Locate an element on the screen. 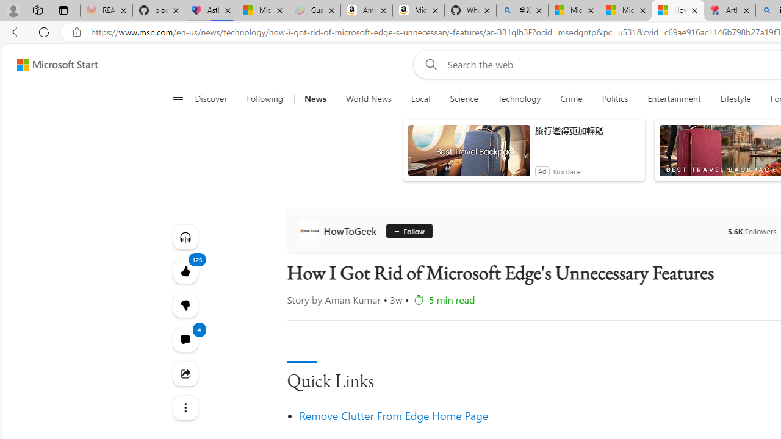 The height and width of the screenshot is (439, 781). 'Technology' is located at coordinates (519, 99).